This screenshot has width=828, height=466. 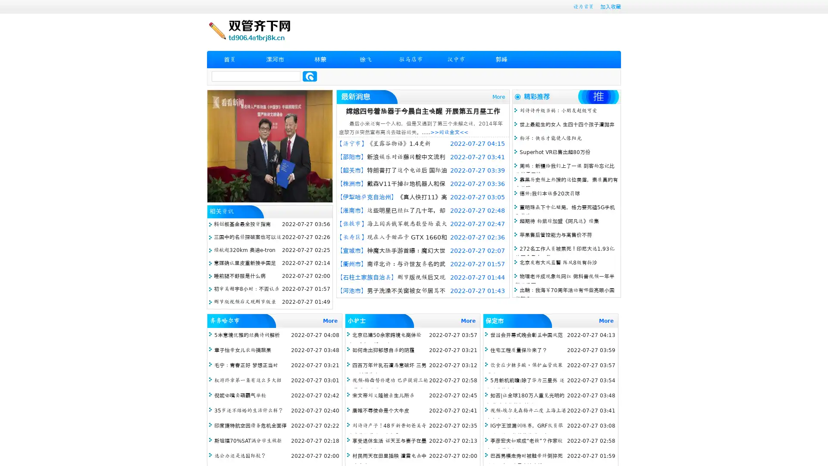 What do you see at coordinates (310, 76) in the screenshot?
I see `Search` at bounding box center [310, 76].